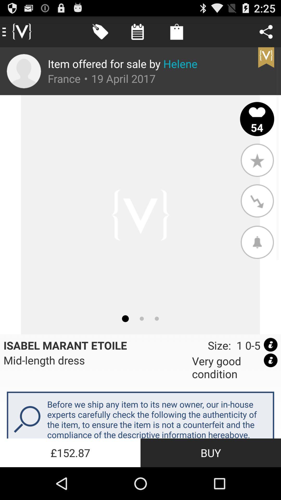  Describe the element at coordinates (257, 171) in the screenshot. I see `the star icon` at that location.